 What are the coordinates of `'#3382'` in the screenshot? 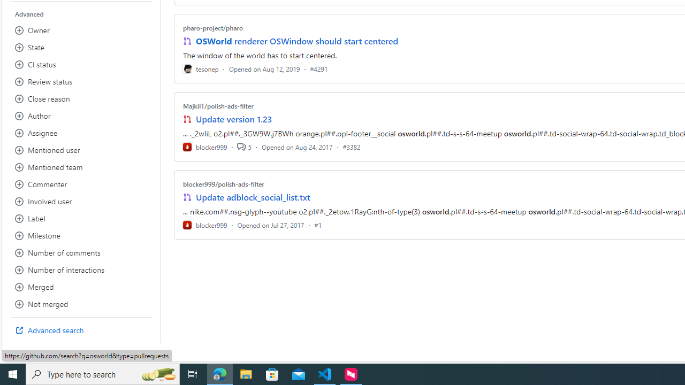 It's located at (352, 147).